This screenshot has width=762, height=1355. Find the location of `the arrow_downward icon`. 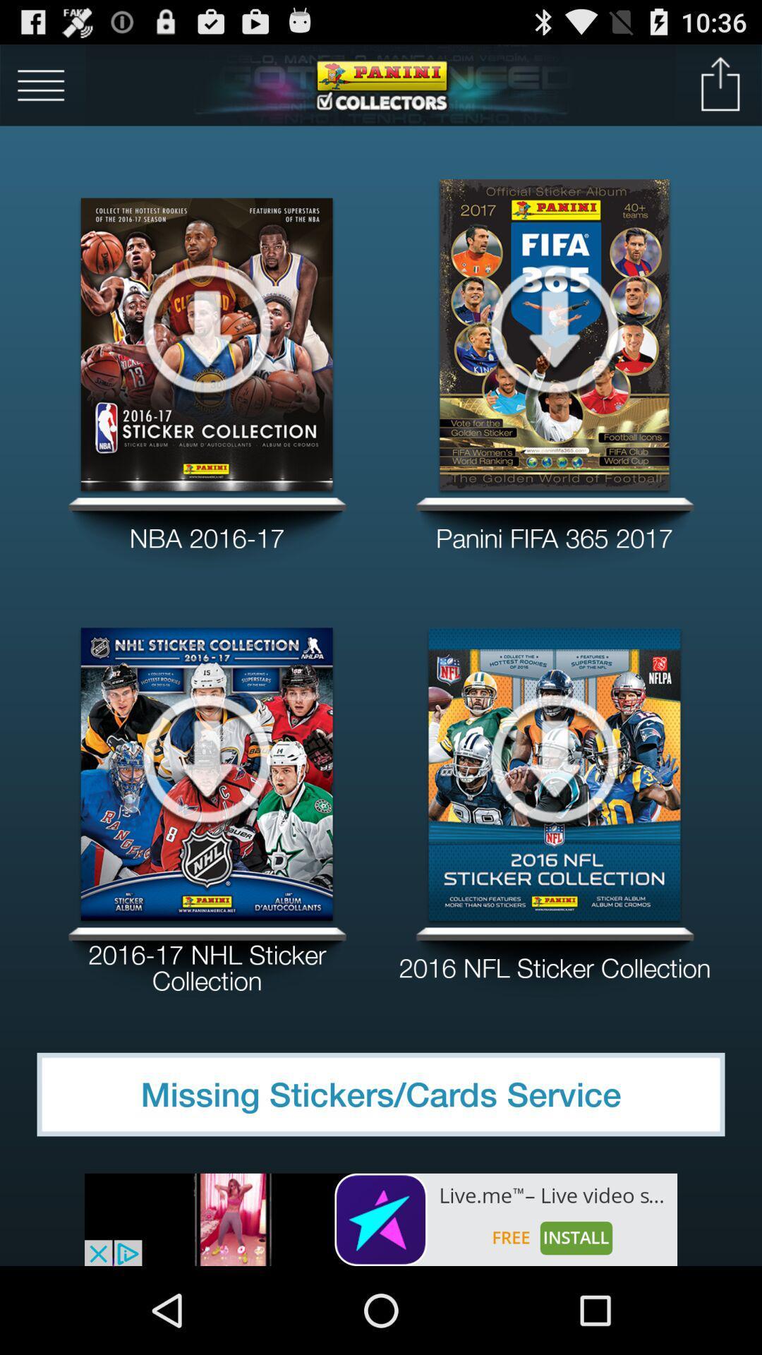

the arrow_downward icon is located at coordinates (554, 810).